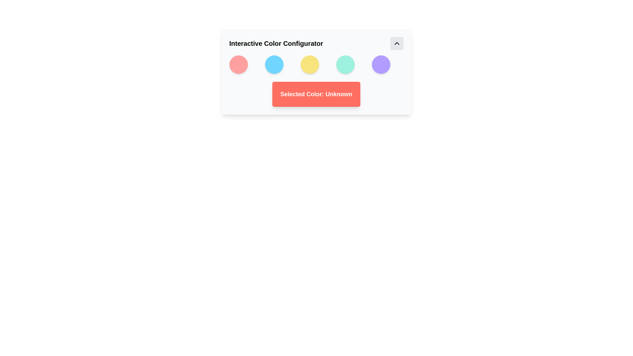 The image size is (633, 356). Describe the element at coordinates (345, 65) in the screenshot. I see `the fourth circular button in the row of color chooser buttons` at that location.